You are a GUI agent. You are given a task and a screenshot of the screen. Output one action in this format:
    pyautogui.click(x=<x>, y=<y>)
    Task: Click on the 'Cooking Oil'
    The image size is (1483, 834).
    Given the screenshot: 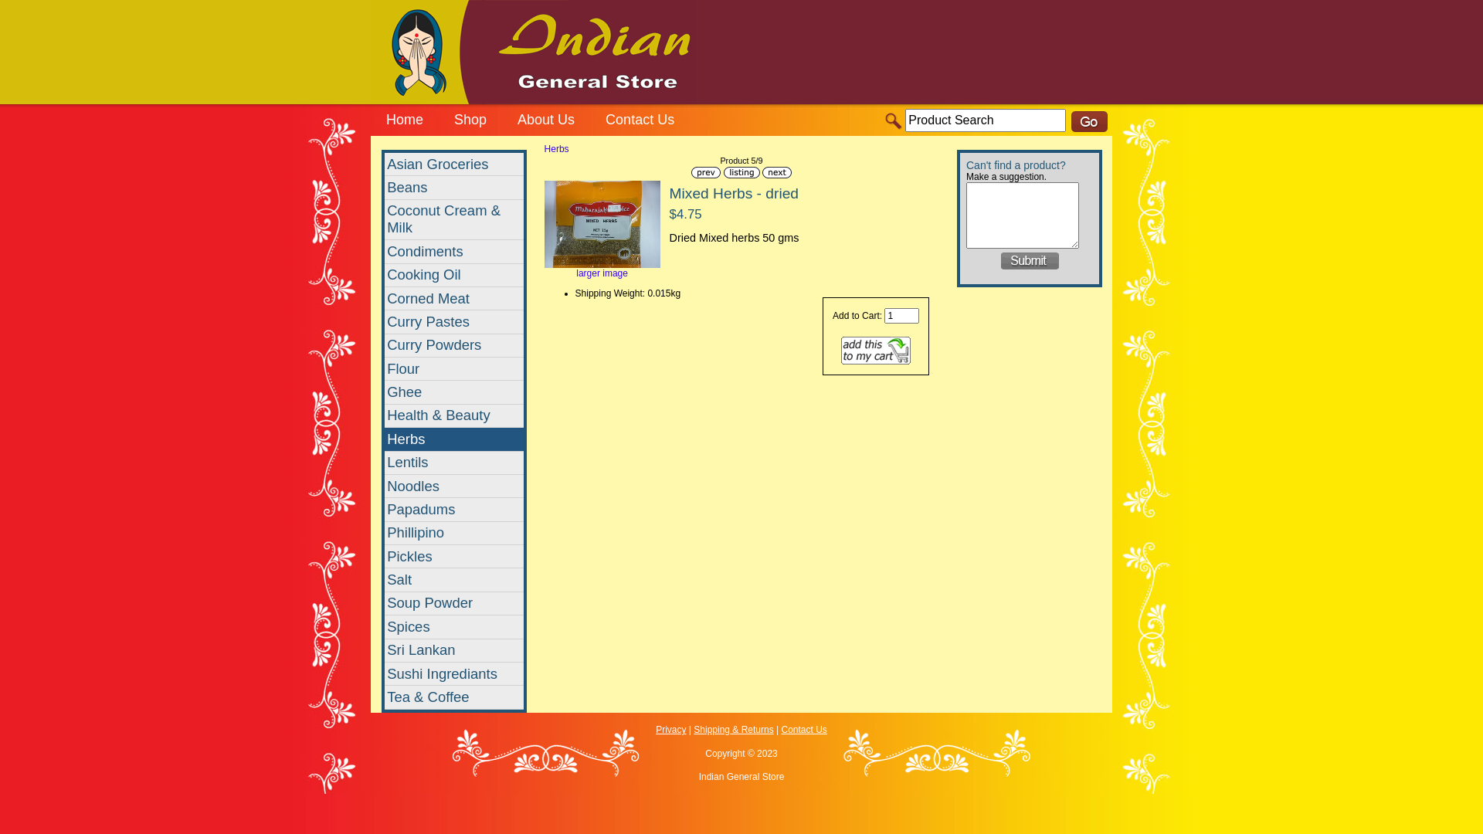 What is the action you would take?
    pyautogui.click(x=385, y=275)
    